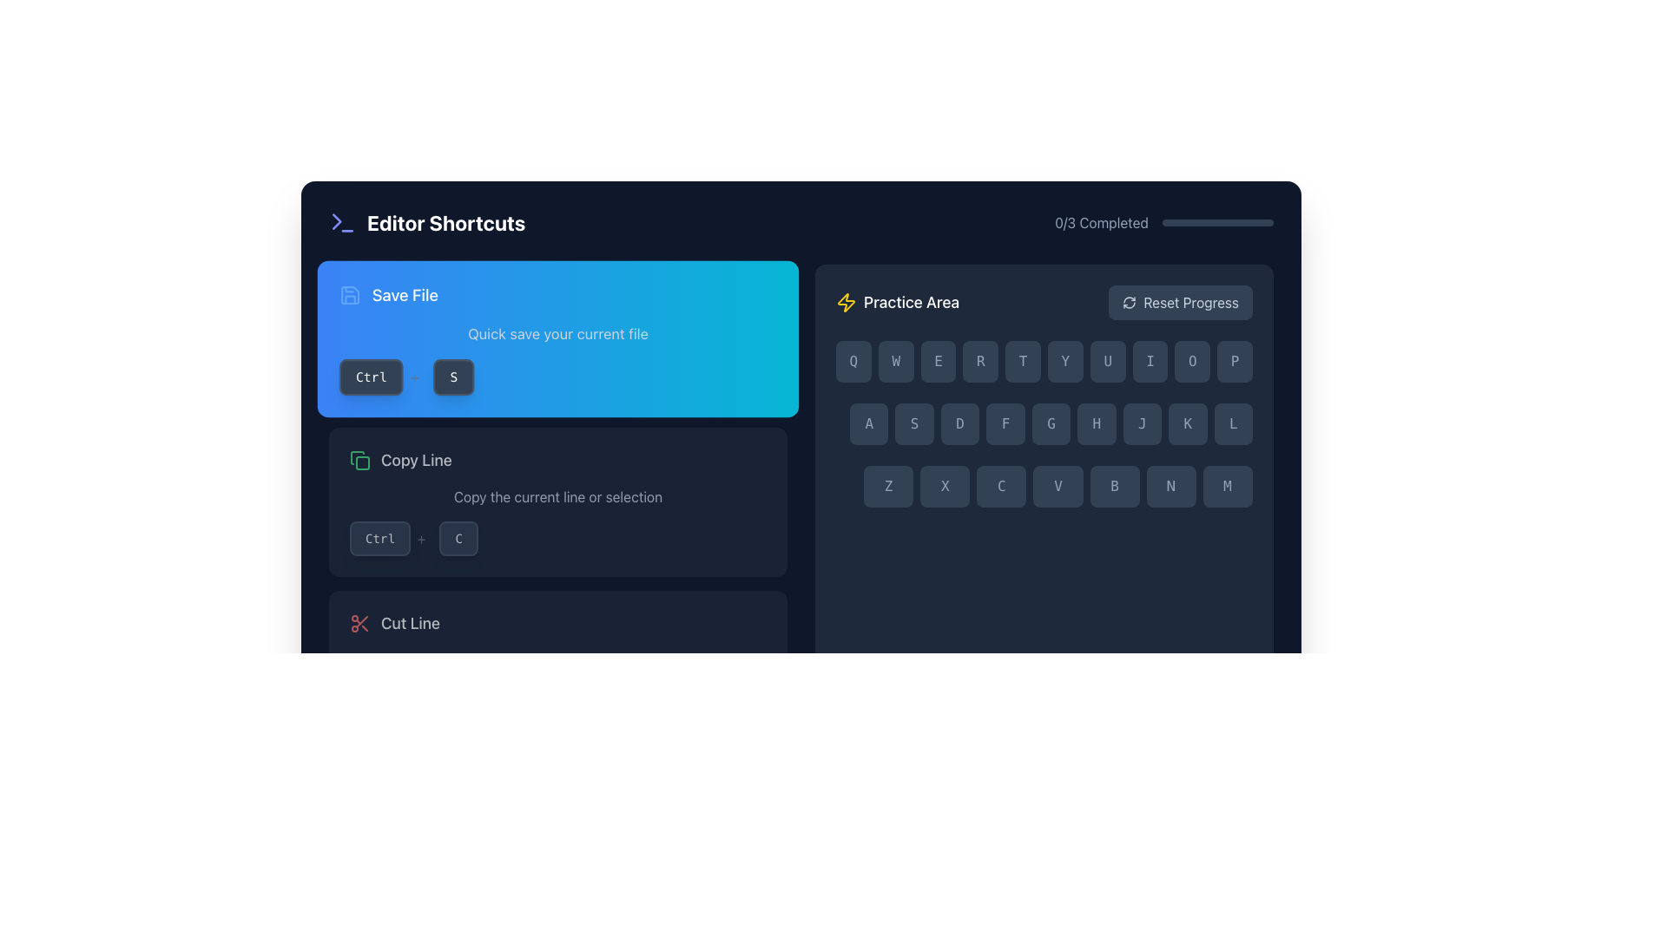  Describe the element at coordinates (1181, 301) in the screenshot. I see `the 'Reset Progress' button with a dark slate-gray background, located in the top-right corner of the 'Practice Area' grouping block, to observe the hover effect` at that location.